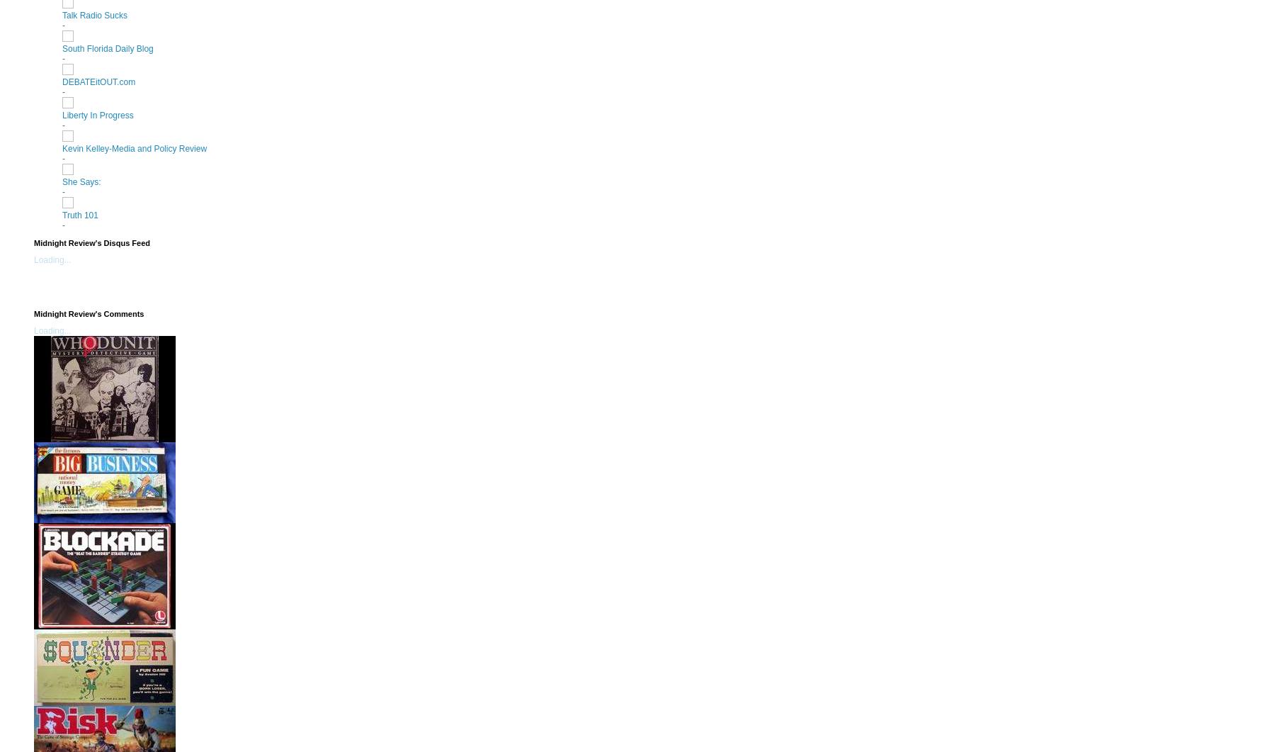  I want to click on 'Midnight Review's Comments', so click(89, 313).